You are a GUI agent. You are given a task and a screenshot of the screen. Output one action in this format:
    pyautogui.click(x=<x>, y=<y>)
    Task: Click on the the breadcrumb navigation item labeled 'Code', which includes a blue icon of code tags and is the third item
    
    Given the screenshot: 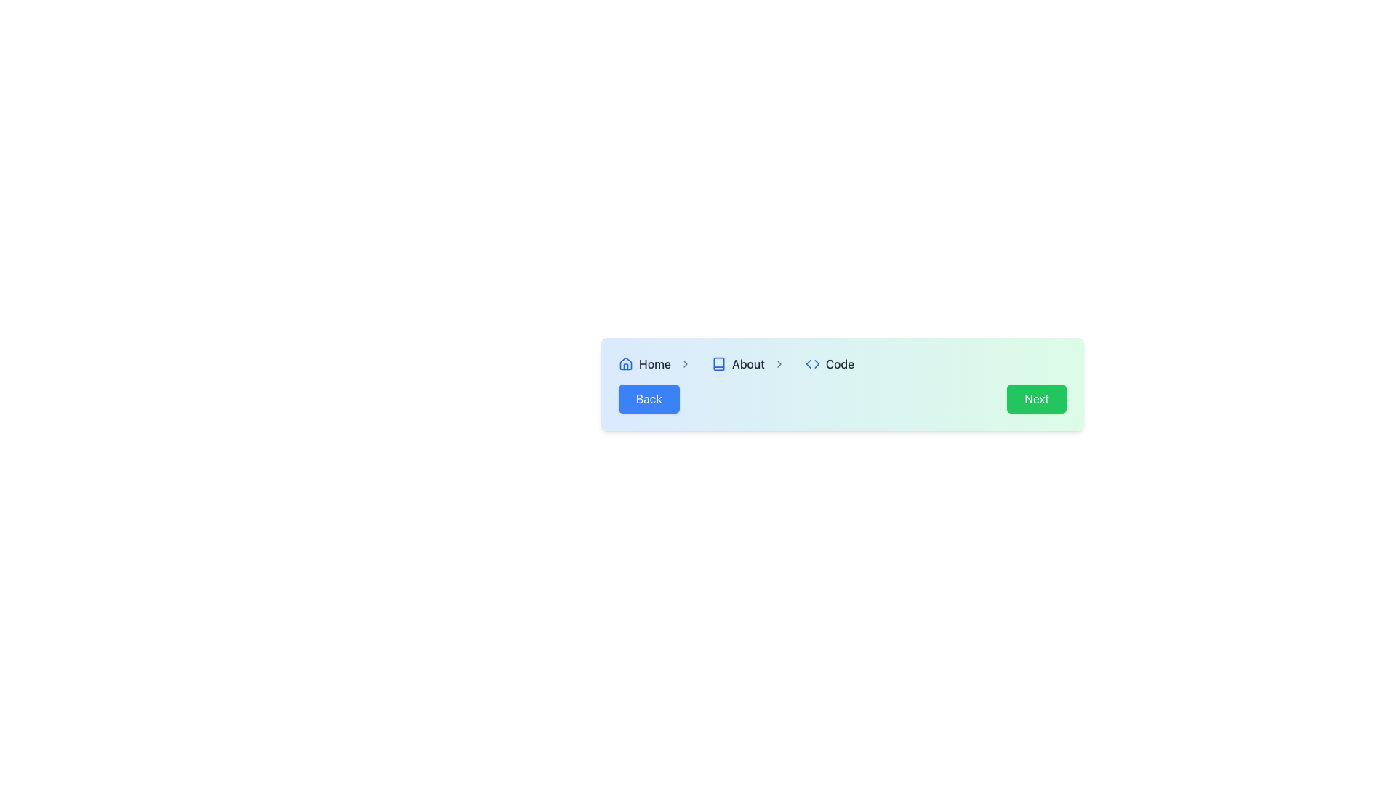 What is the action you would take?
    pyautogui.click(x=830, y=363)
    